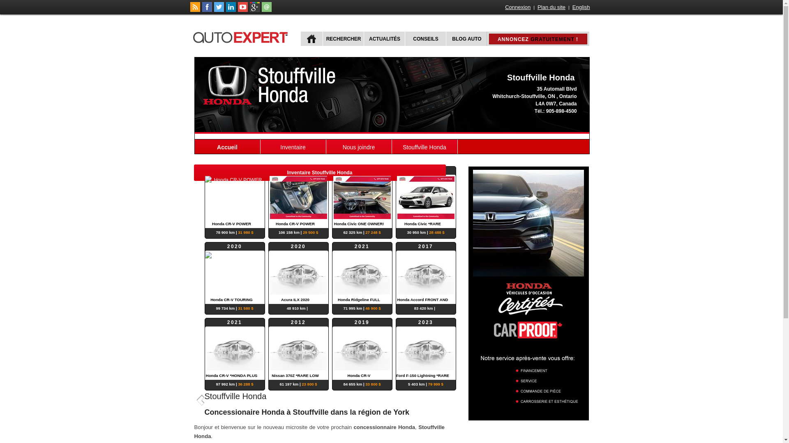 The width and height of the screenshot is (789, 443). Describe the element at coordinates (504, 7) in the screenshot. I see `'Connexion'` at that location.